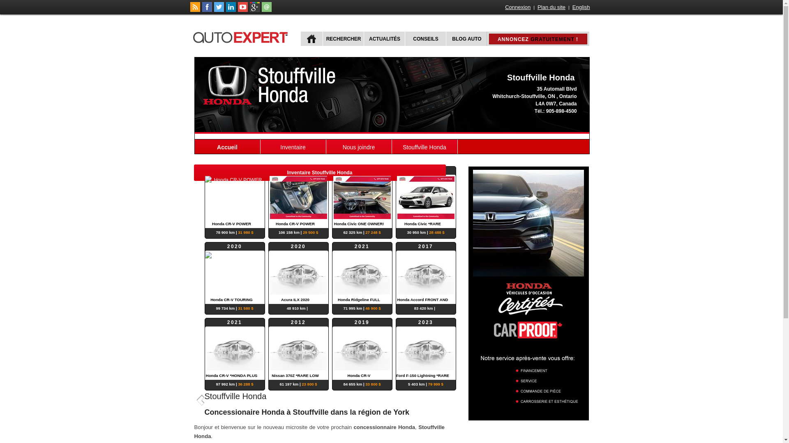 The width and height of the screenshot is (789, 443). Describe the element at coordinates (504, 7) in the screenshot. I see `'Connexion'` at that location.